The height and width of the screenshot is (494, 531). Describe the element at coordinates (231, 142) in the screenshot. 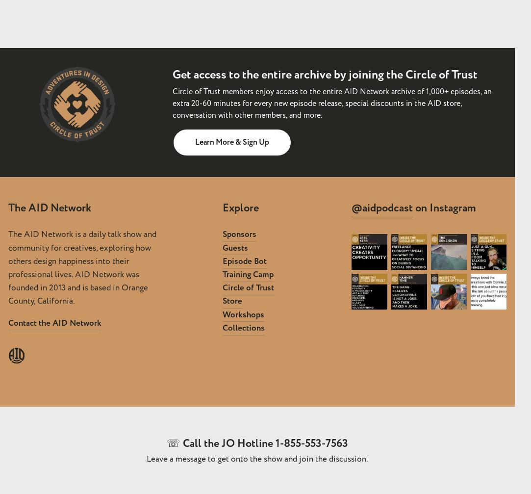

I see `'Learn More & Sign Up'` at that location.